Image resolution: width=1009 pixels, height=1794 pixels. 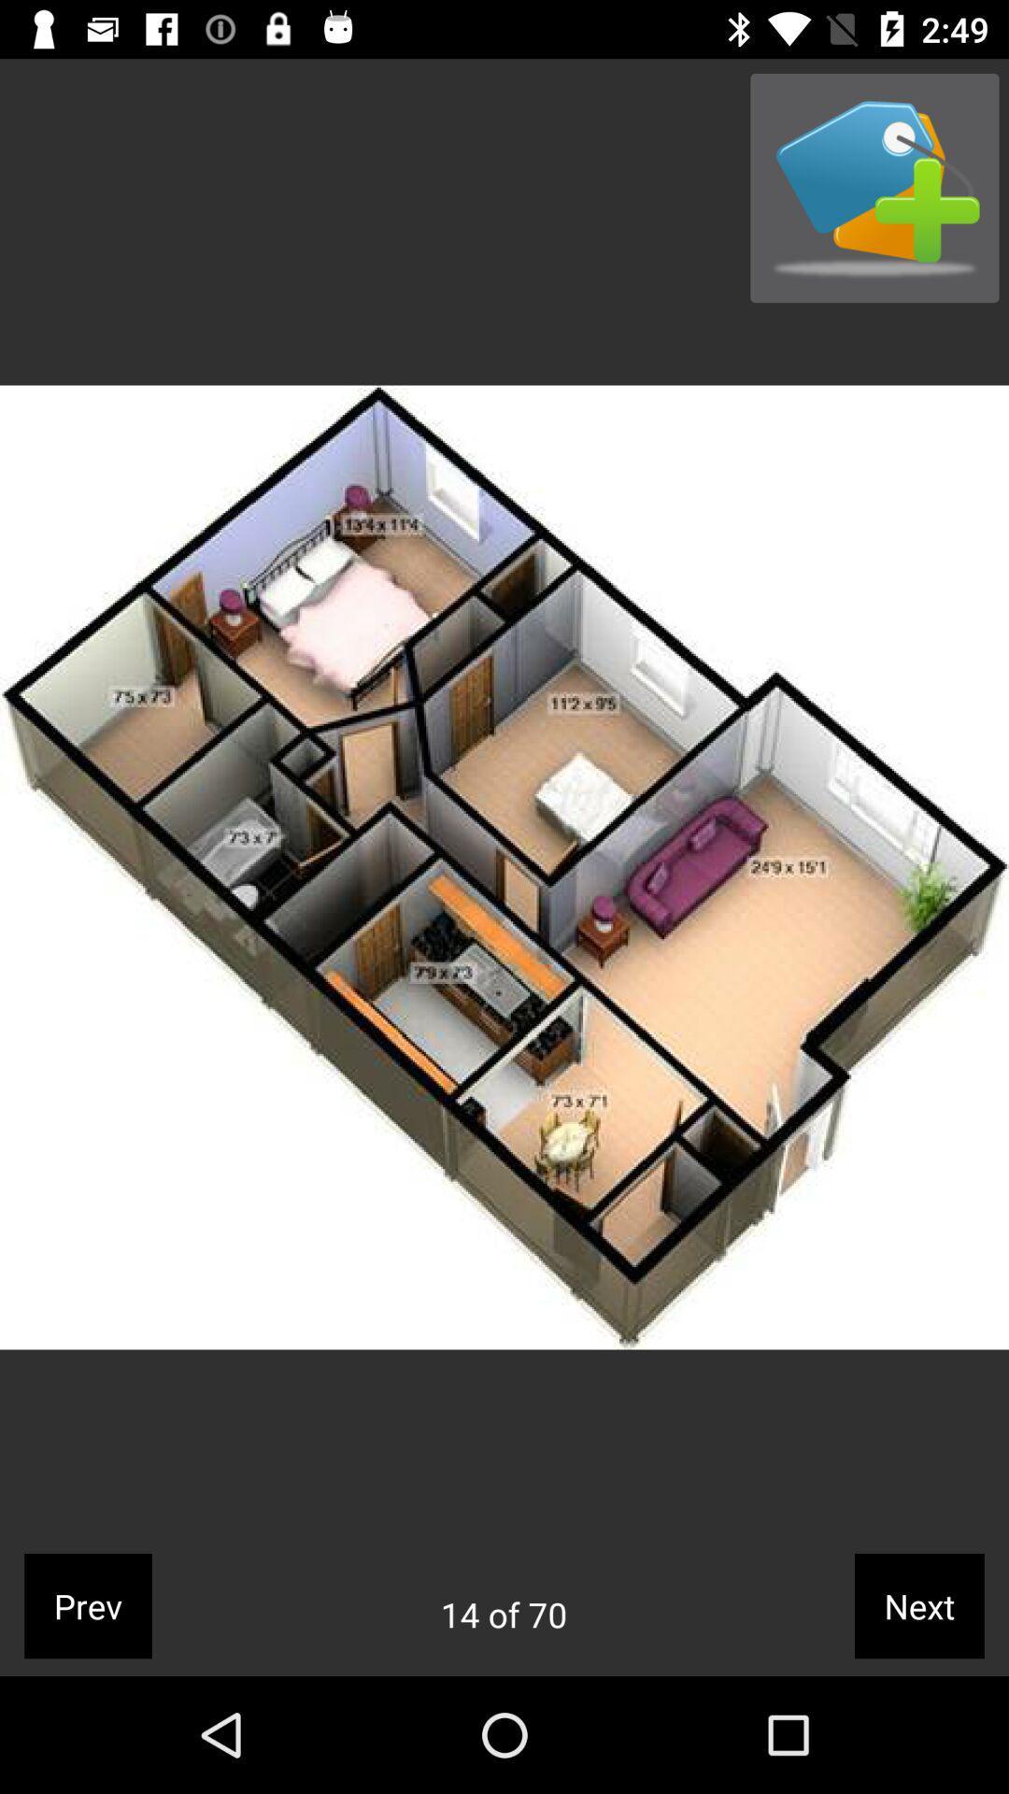 I want to click on app next to the prev app, so click(x=503, y=1614).